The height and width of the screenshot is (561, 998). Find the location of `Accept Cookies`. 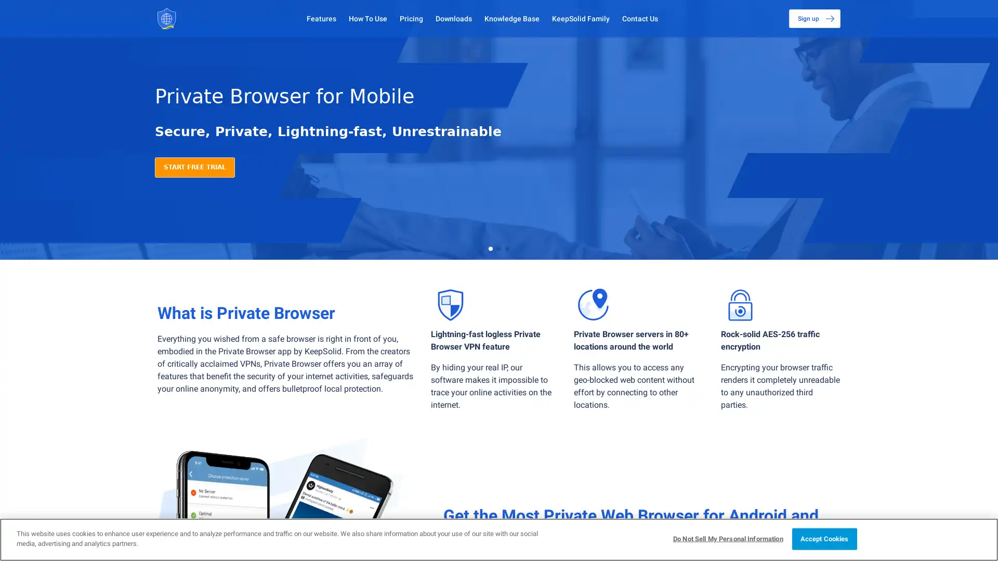

Accept Cookies is located at coordinates (823, 538).